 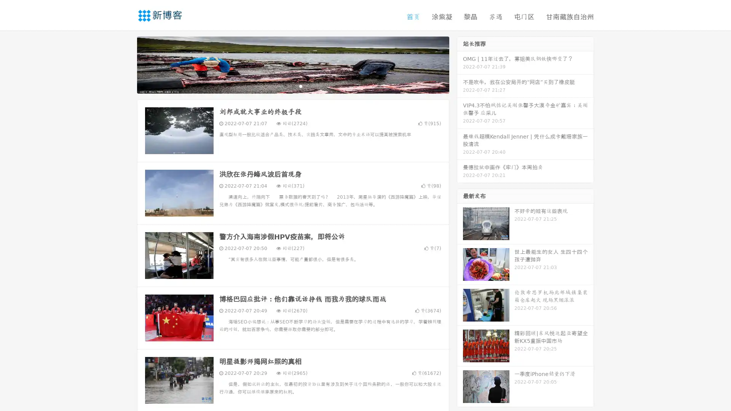 I want to click on Previous slide, so click(x=126, y=64).